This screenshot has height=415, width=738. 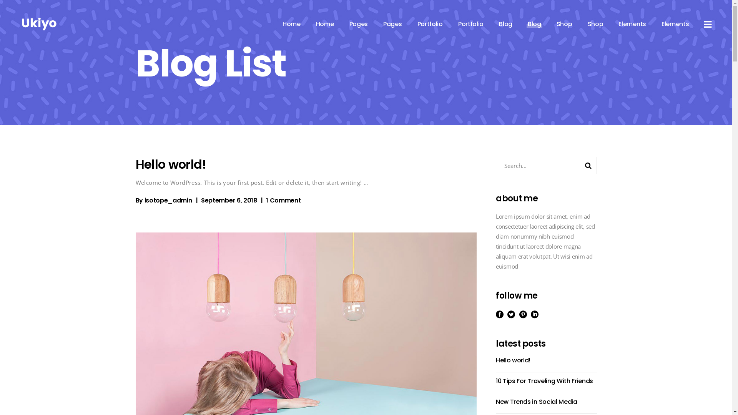 I want to click on 'September 6, 2018', so click(x=228, y=200).